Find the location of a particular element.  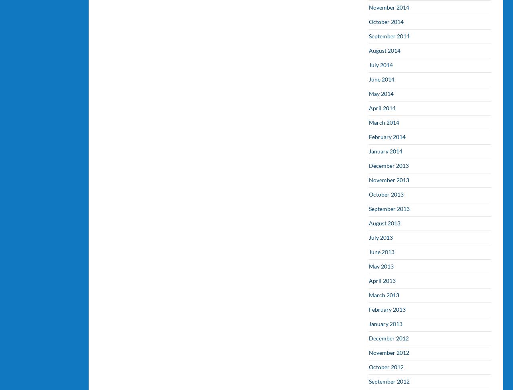

'March 2013' is located at coordinates (384, 295).